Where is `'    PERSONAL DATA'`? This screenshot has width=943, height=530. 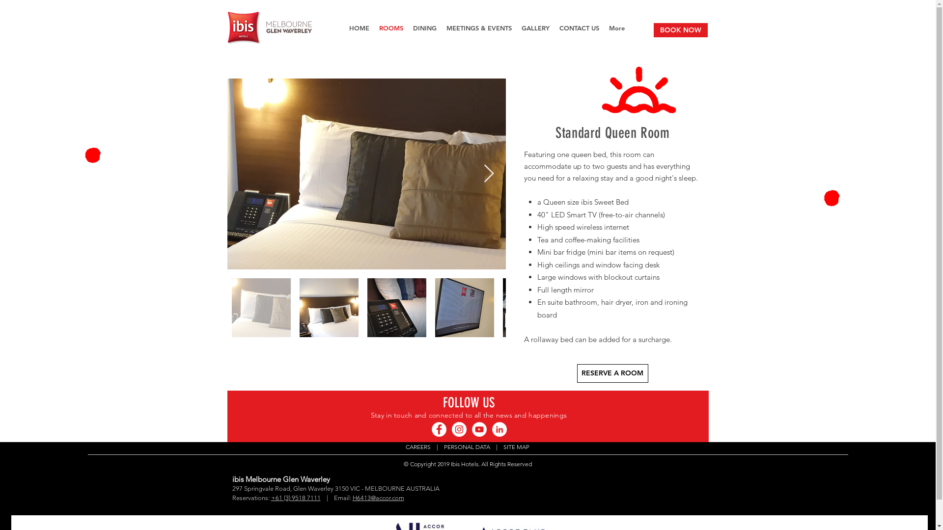
'    PERSONAL DATA' is located at coordinates (464, 447).